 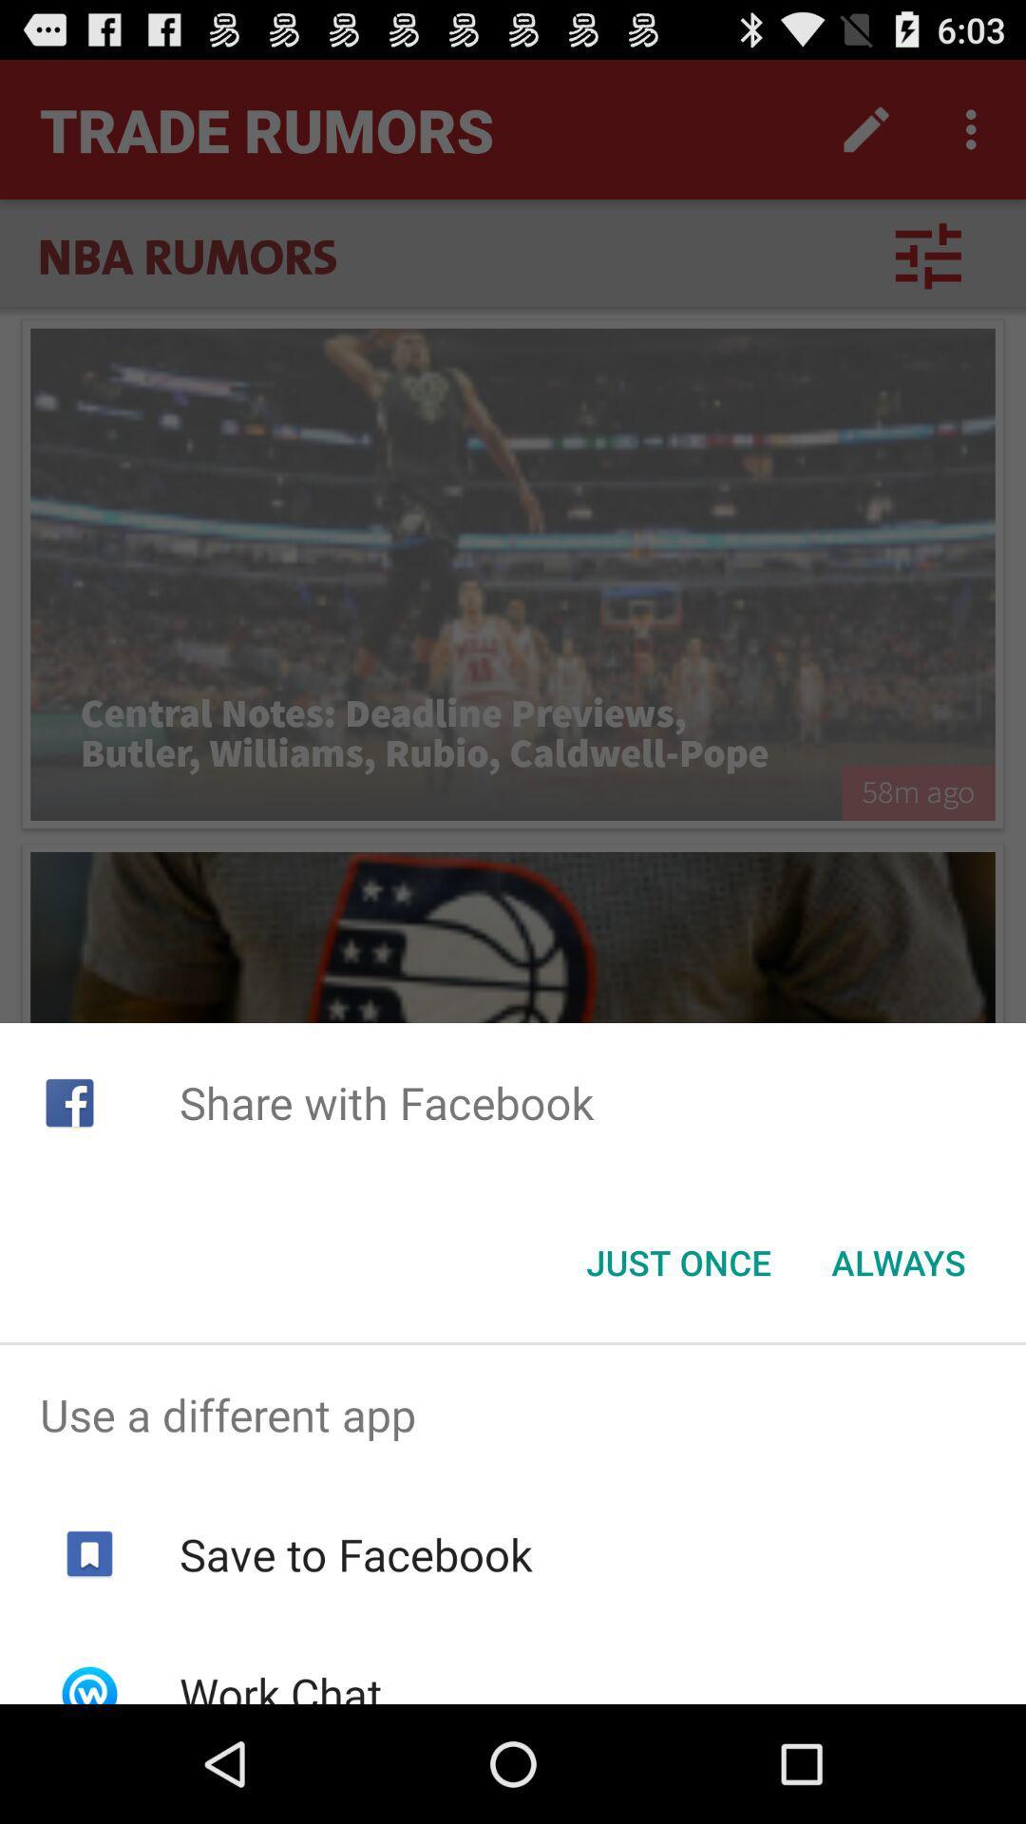 I want to click on use a different, so click(x=513, y=1415).